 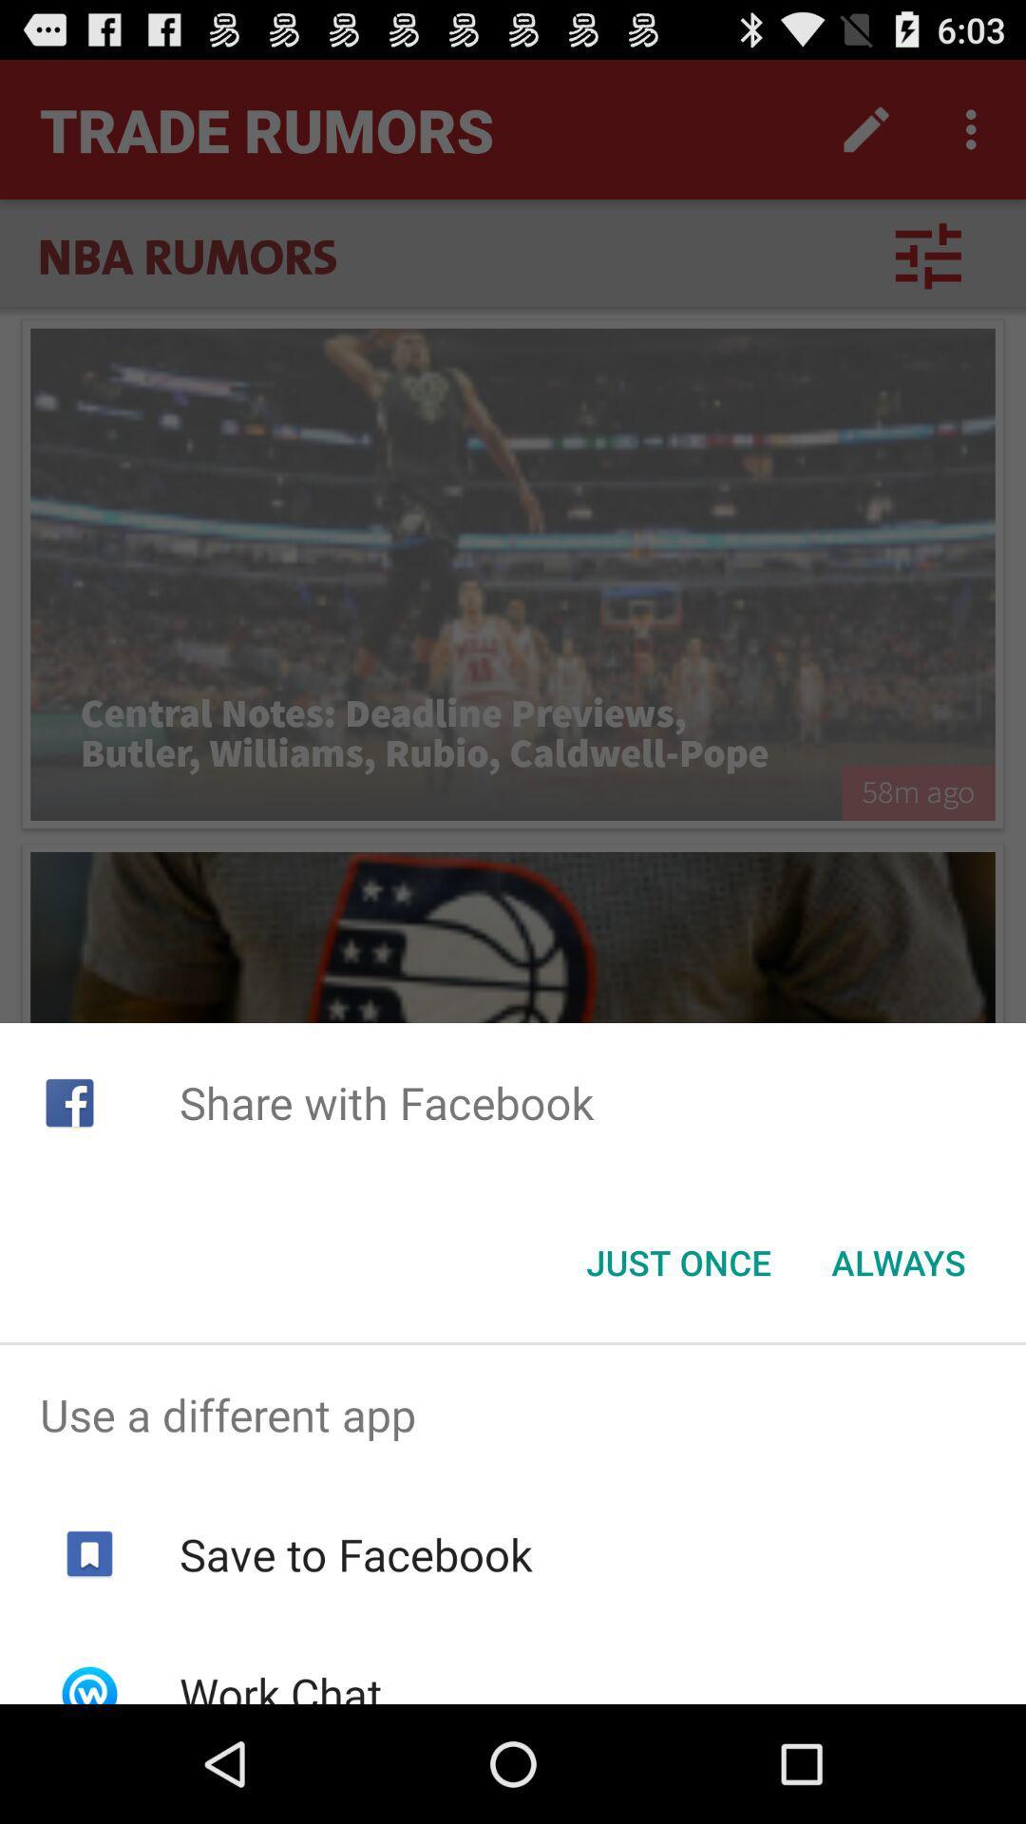 I want to click on use a different, so click(x=513, y=1415).